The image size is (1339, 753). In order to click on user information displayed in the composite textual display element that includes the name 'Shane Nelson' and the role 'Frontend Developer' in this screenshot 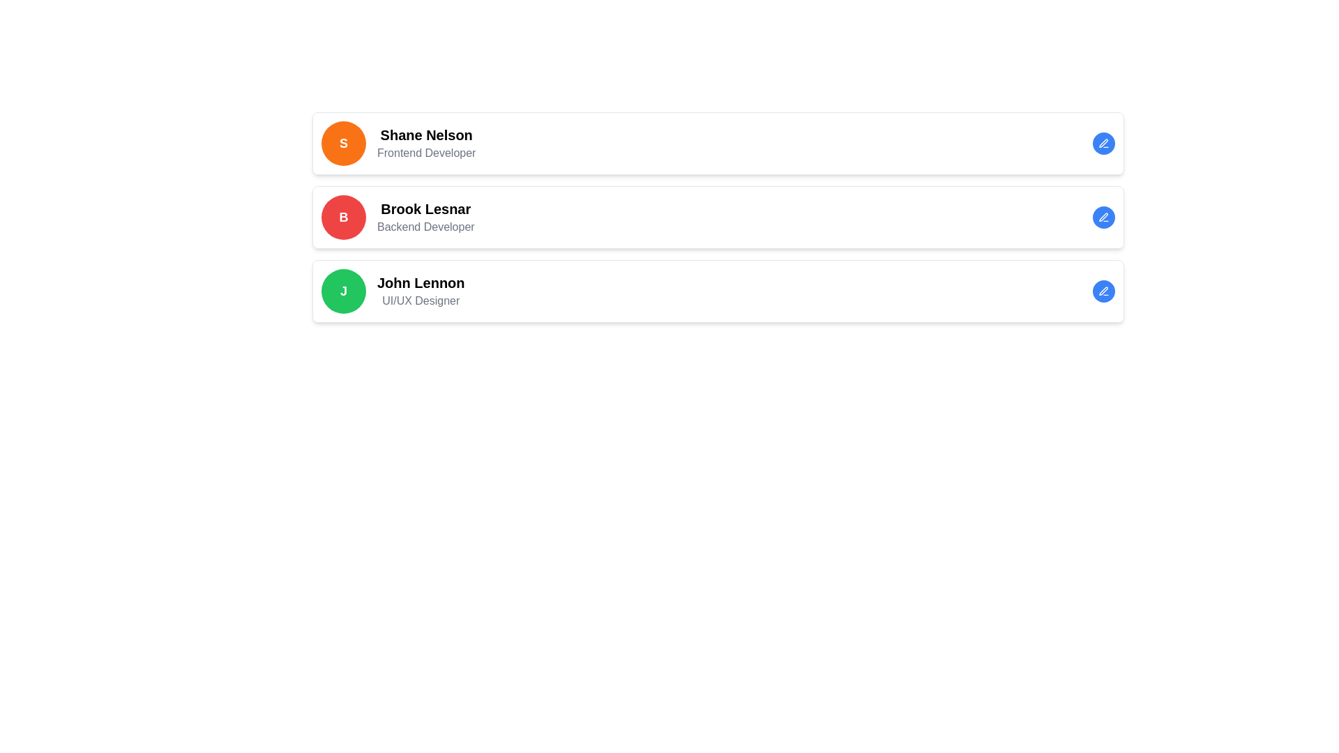, I will do `click(425, 143)`.